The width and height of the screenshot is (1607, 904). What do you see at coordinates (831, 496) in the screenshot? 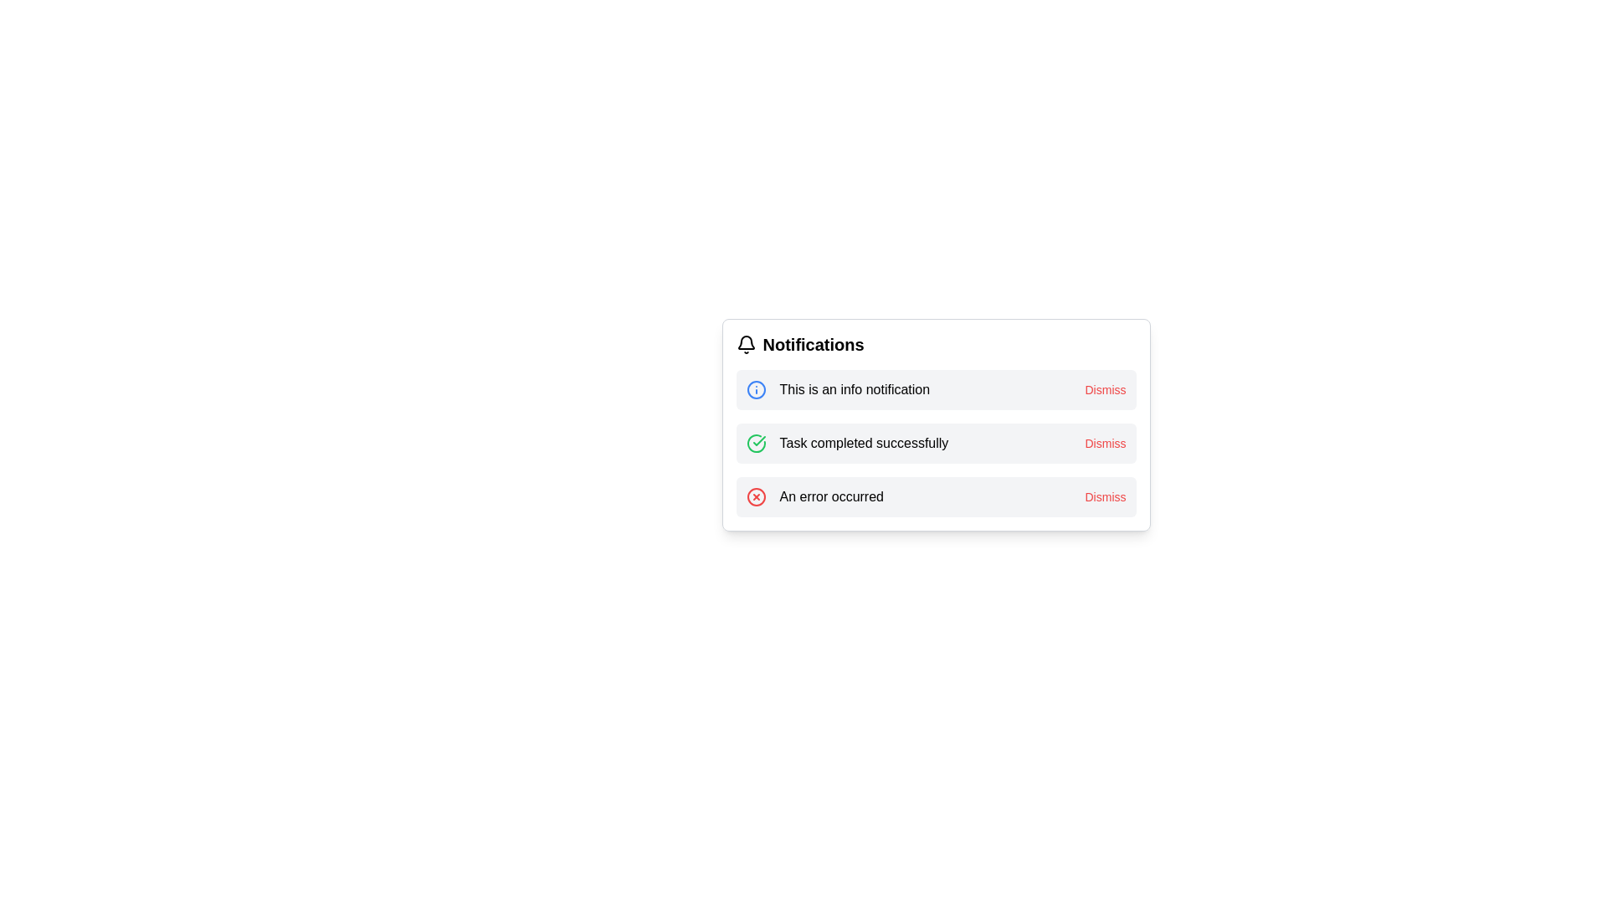
I see `text from the notification label that displays 'An error occurred' styled in black font on a light gray background` at bounding box center [831, 496].